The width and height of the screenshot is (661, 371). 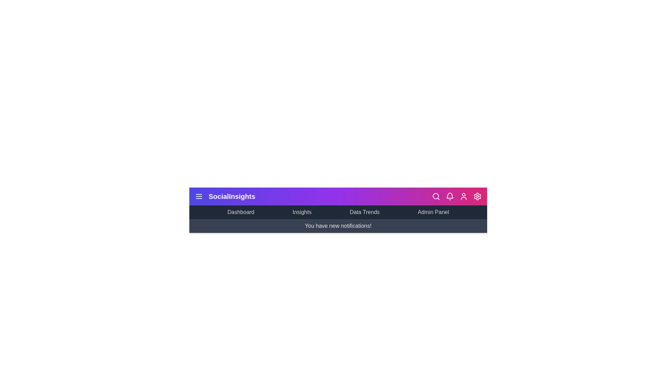 What do you see at coordinates (364, 212) in the screenshot?
I see `the 'Data Trends' menu item in the navigation bar` at bounding box center [364, 212].